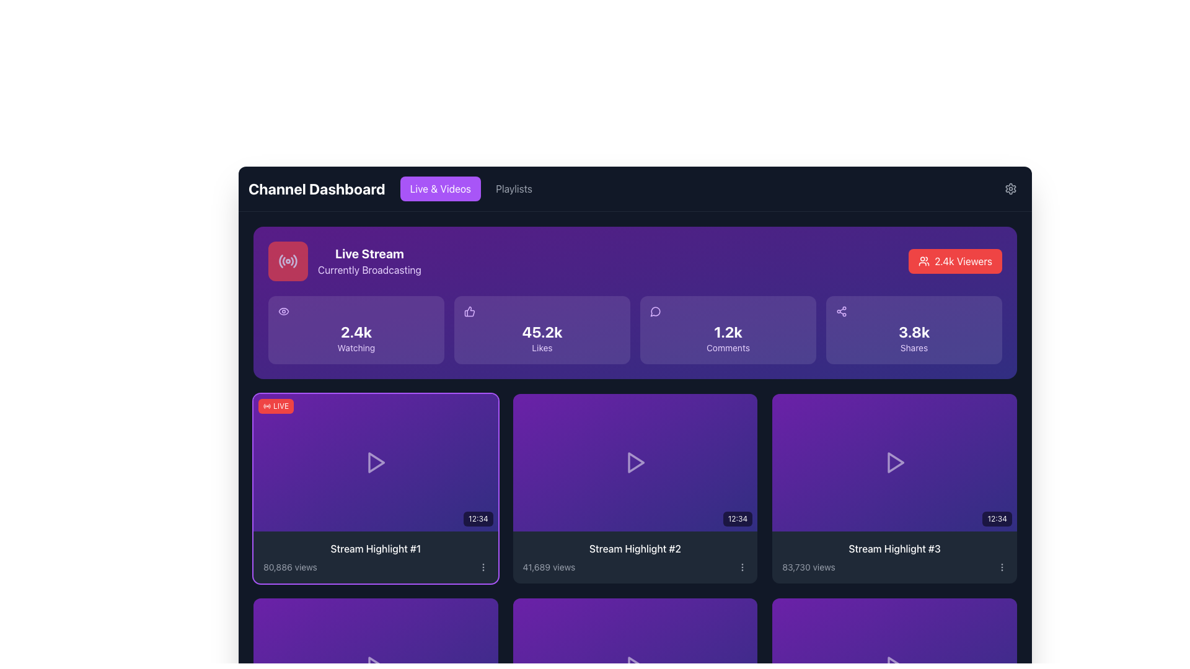 The image size is (1190, 669). What do you see at coordinates (375, 556) in the screenshot?
I see `the title 'Stream Highlight #1' of the text label within the card component to interact` at bounding box center [375, 556].